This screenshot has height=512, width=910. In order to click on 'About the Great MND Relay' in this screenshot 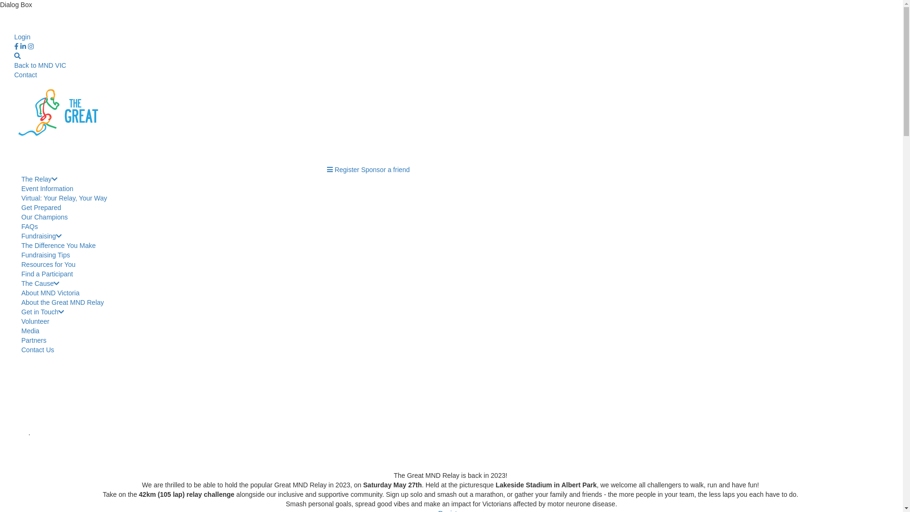, I will do `click(62, 302)`.